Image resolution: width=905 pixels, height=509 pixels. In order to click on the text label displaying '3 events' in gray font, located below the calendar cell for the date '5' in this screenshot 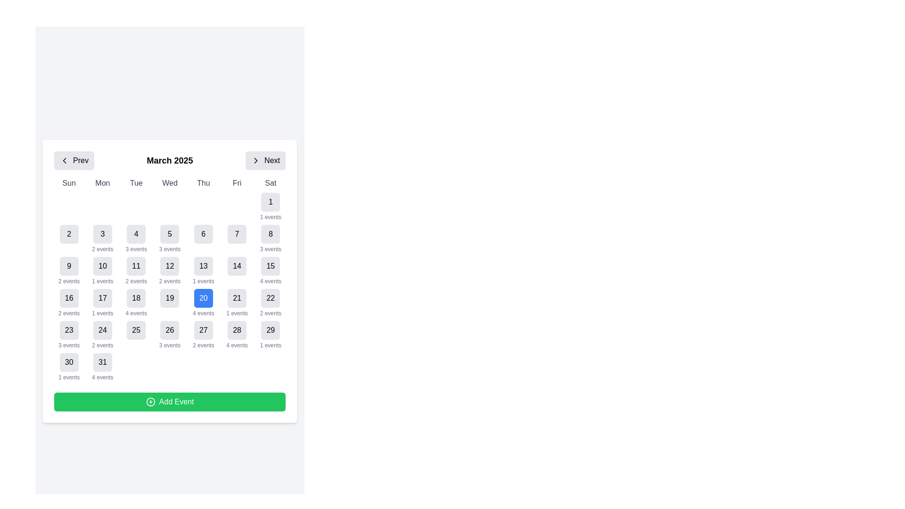, I will do `click(170, 248)`.